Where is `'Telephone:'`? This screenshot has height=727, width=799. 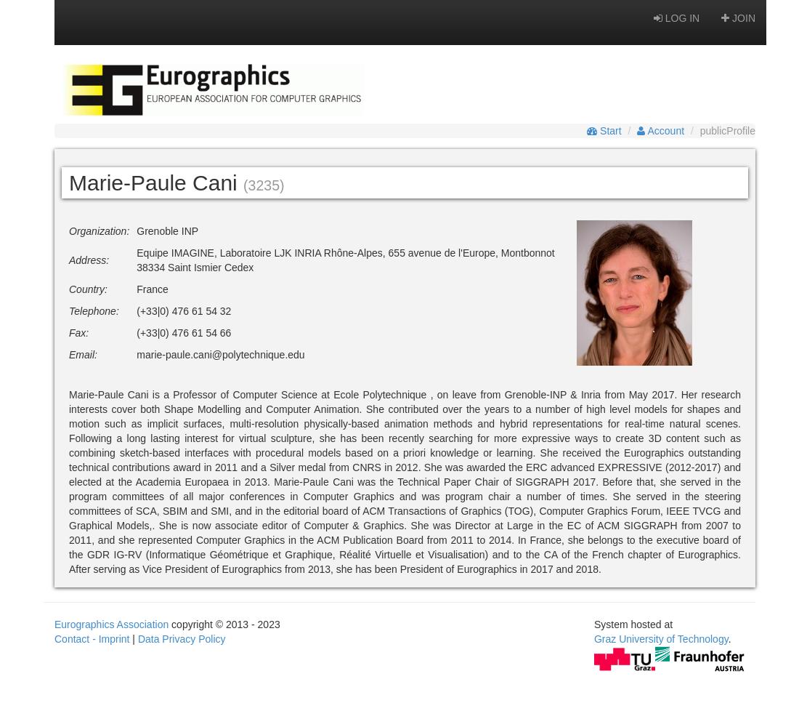 'Telephone:' is located at coordinates (94, 311).